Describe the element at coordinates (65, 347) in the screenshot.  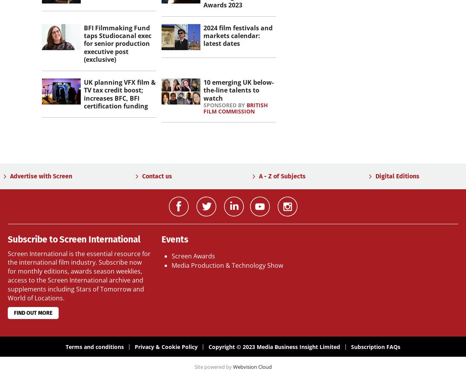
I see `'Terms and conditions'` at that location.